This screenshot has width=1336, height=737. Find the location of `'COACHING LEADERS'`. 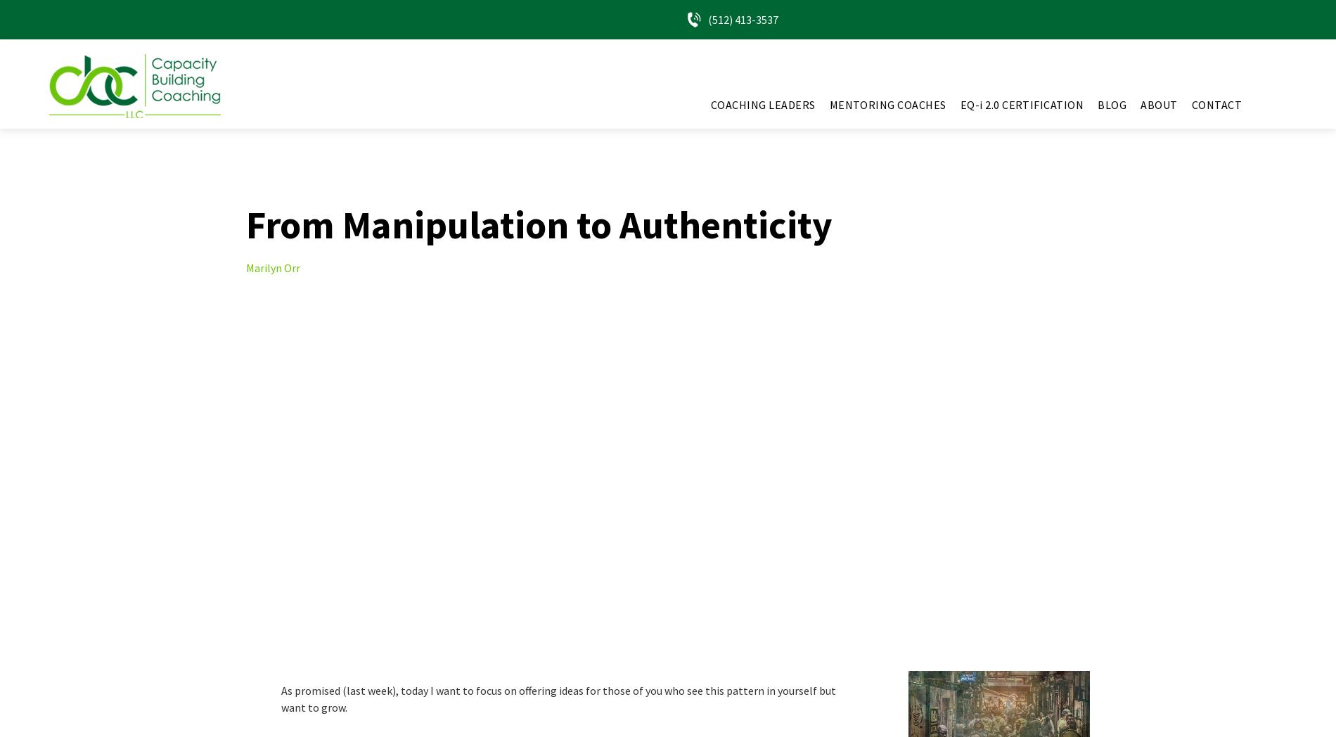

'COACHING LEADERS' is located at coordinates (710, 105).